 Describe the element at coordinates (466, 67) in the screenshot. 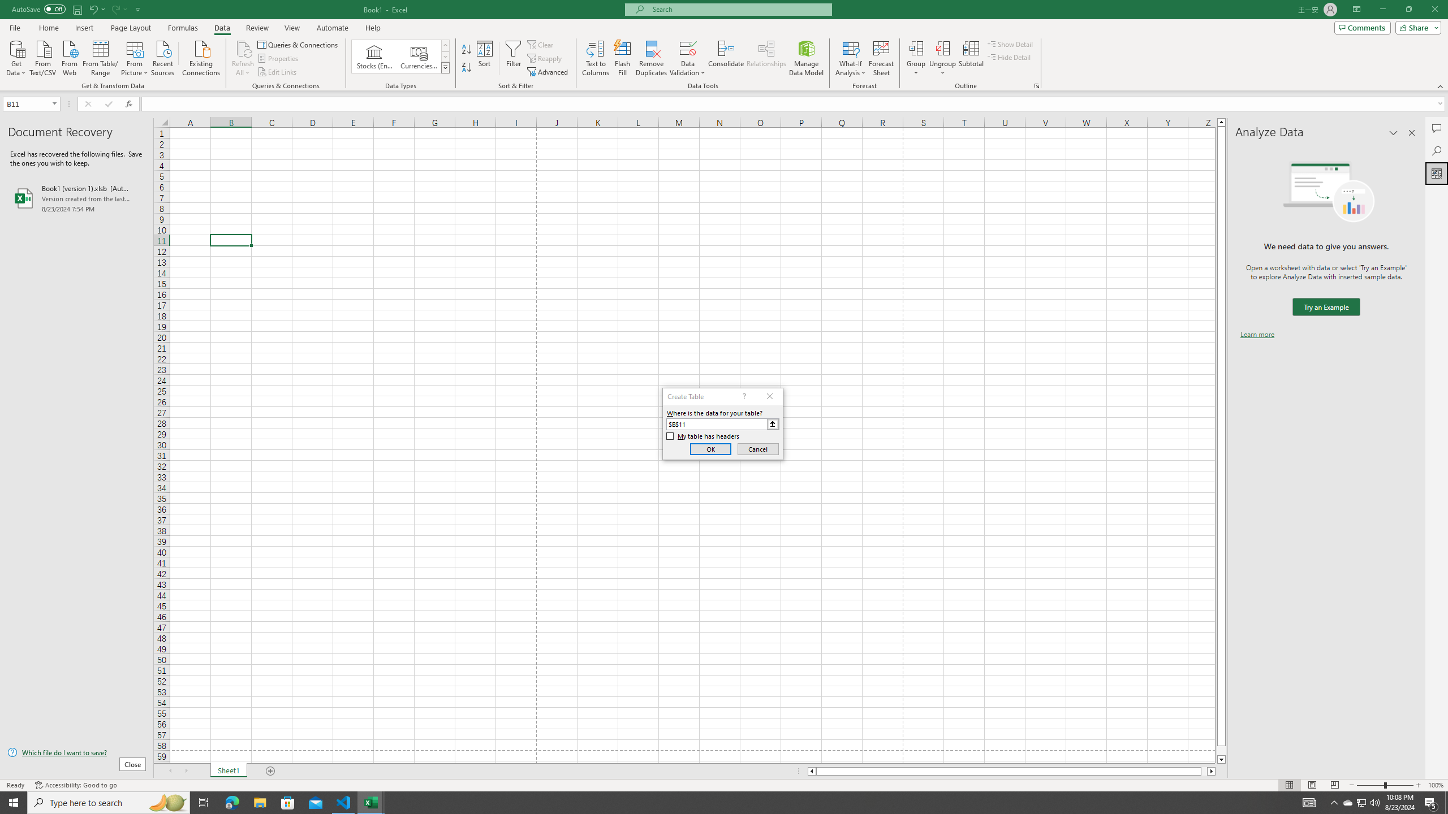

I see `'Sort Z to A'` at that location.